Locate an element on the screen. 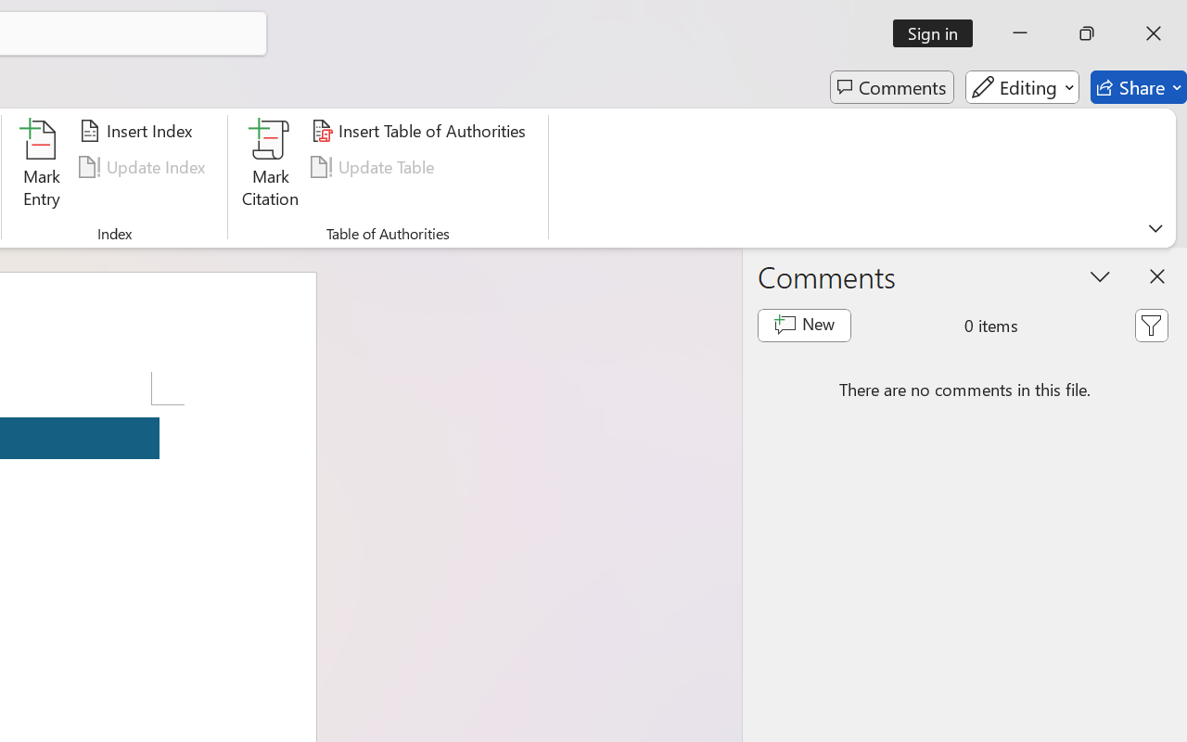 This screenshot has height=742, width=1187. 'Insert Table of Authorities...' is located at coordinates (420, 131).